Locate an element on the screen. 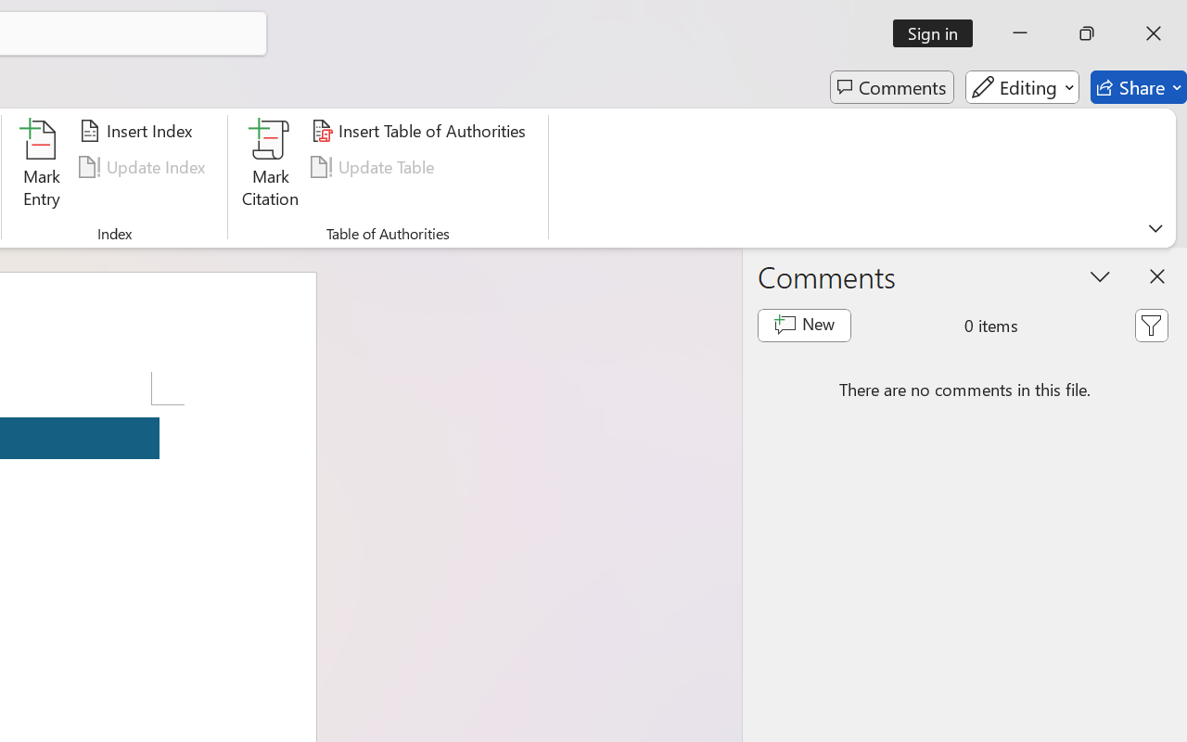 This screenshot has height=742, width=1187. 'Insert Table of Authorities...' is located at coordinates (420, 131).